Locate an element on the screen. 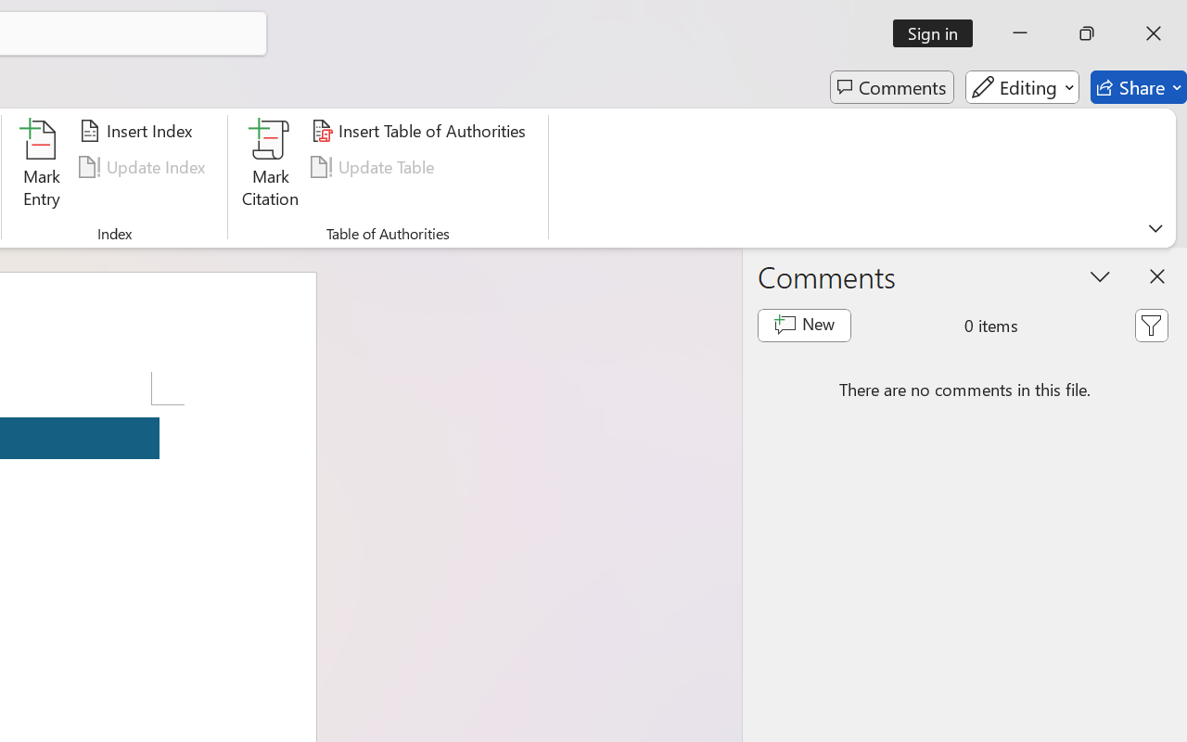 This screenshot has height=742, width=1187. 'Insert Table of Authorities...' is located at coordinates (420, 131).